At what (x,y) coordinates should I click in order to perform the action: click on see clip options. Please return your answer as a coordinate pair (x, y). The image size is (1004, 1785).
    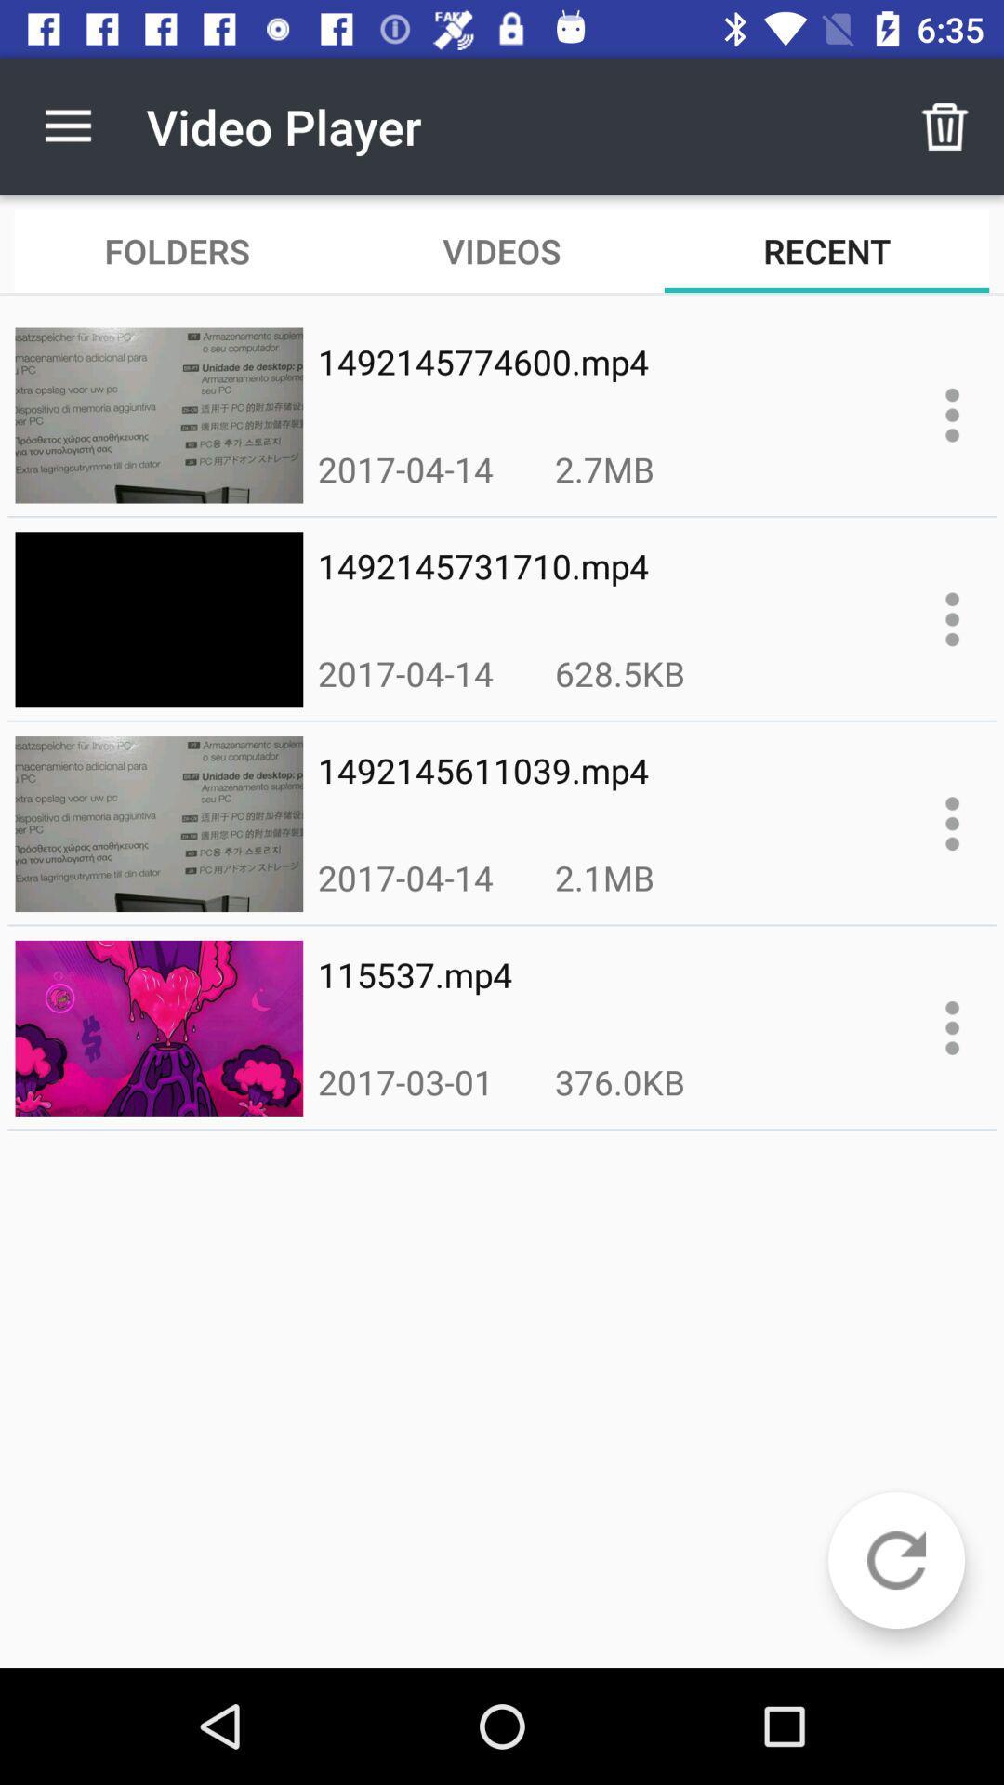
    Looking at the image, I should click on (952, 619).